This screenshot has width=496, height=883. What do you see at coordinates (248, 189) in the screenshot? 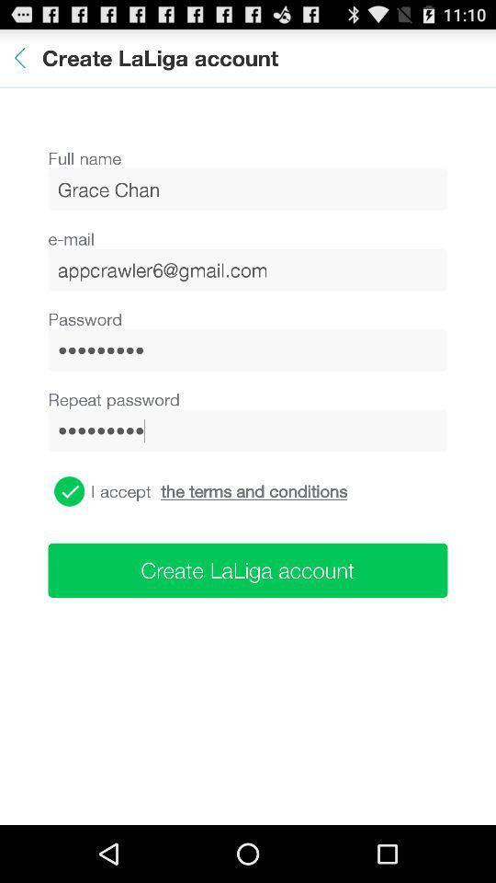
I see `the icon above the e-mail icon` at bounding box center [248, 189].